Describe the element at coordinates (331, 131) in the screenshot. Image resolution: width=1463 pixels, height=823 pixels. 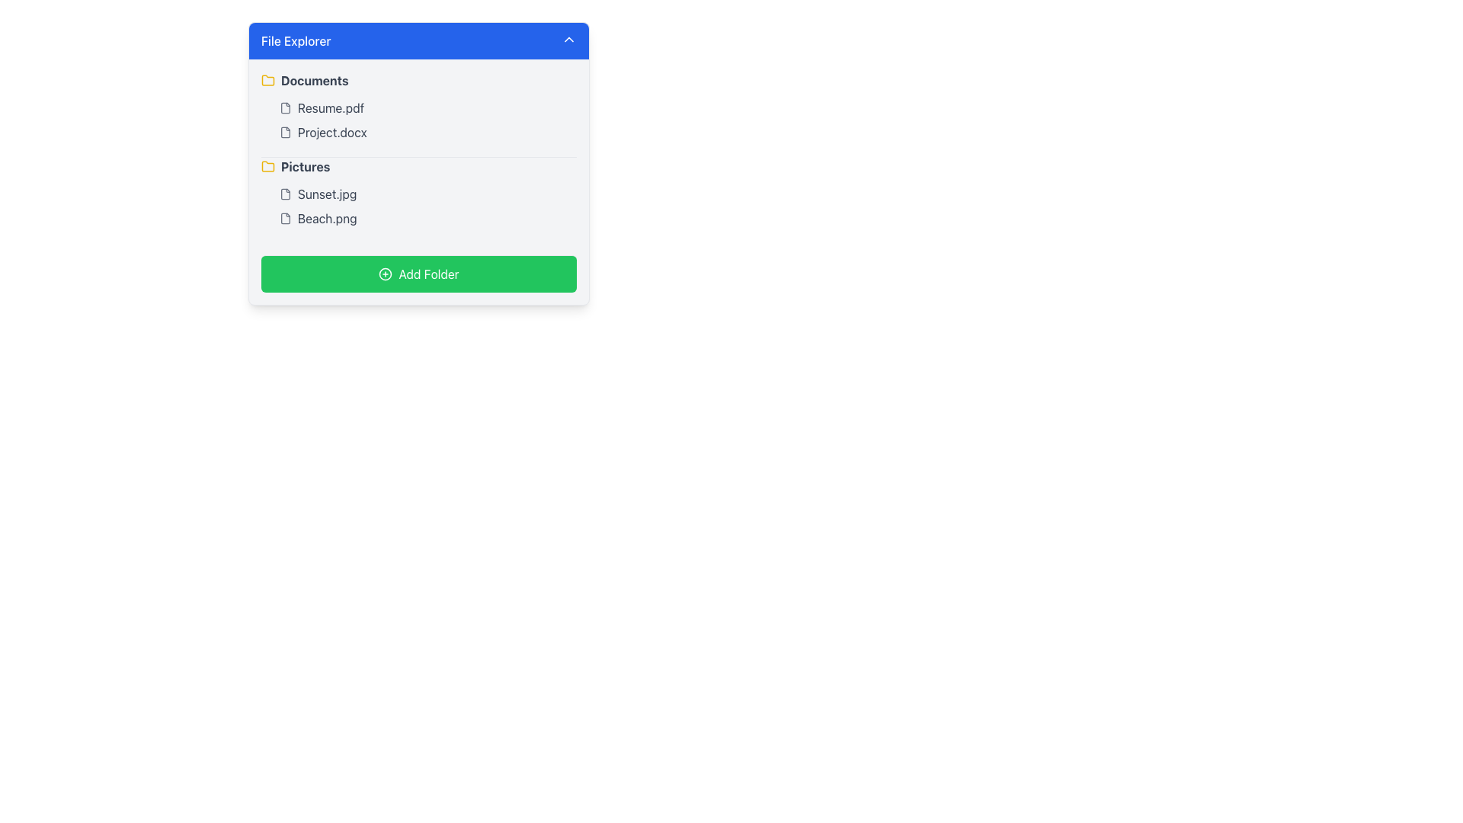
I see `the text label representing the filename 'Project.docx' located` at that location.